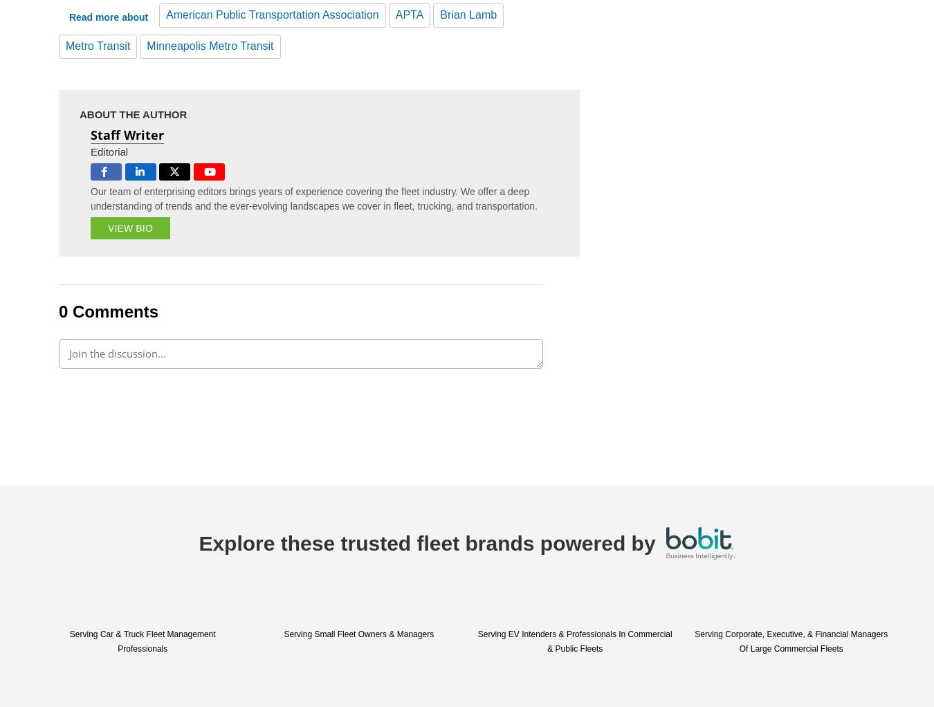  What do you see at coordinates (790, 641) in the screenshot?
I see `'Serving Corporate, Executive, & Financial Managers Of Large Commercial Fleets'` at bounding box center [790, 641].